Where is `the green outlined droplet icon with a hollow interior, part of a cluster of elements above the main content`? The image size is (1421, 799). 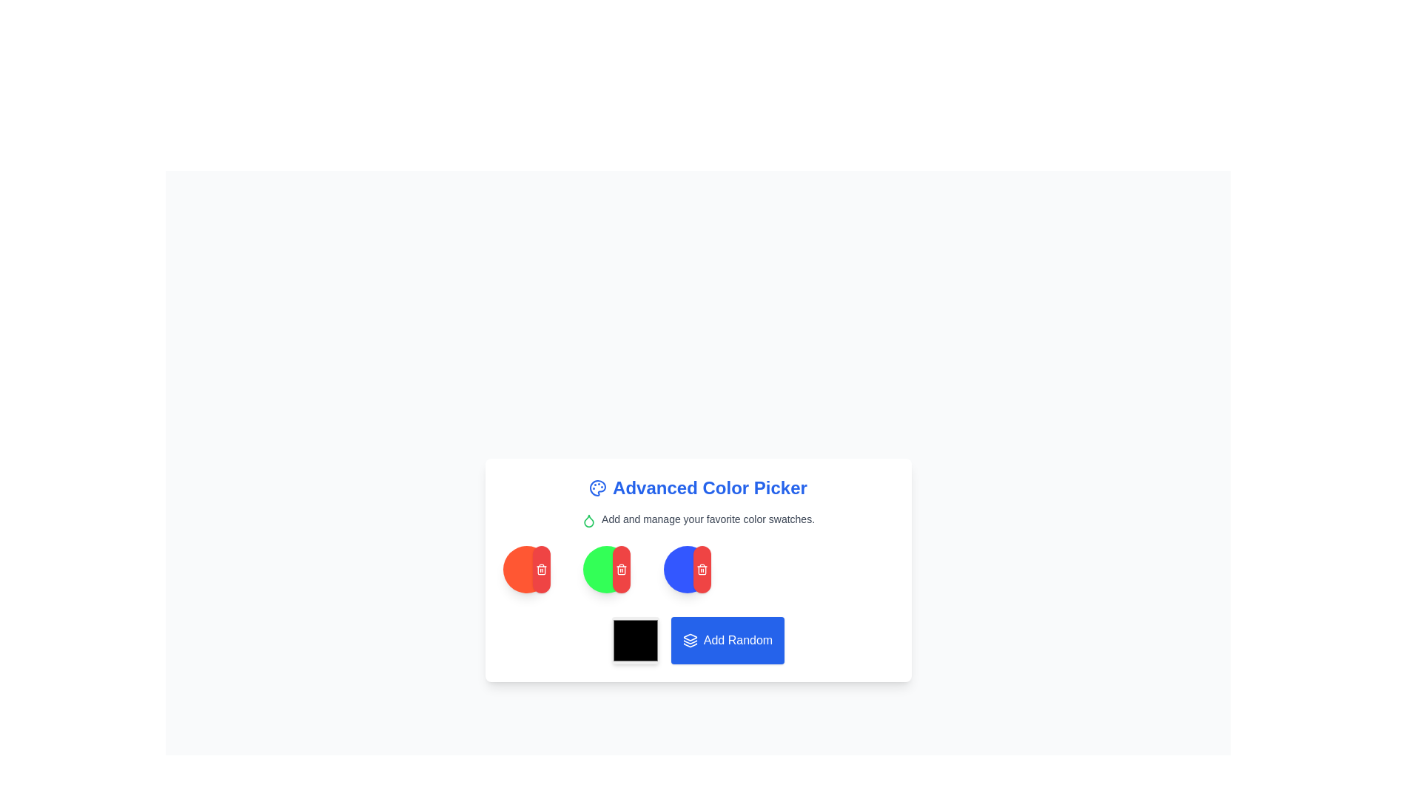
the green outlined droplet icon with a hollow interior, part of a cluster of elements above the main content is located at coordinates (588, 520).